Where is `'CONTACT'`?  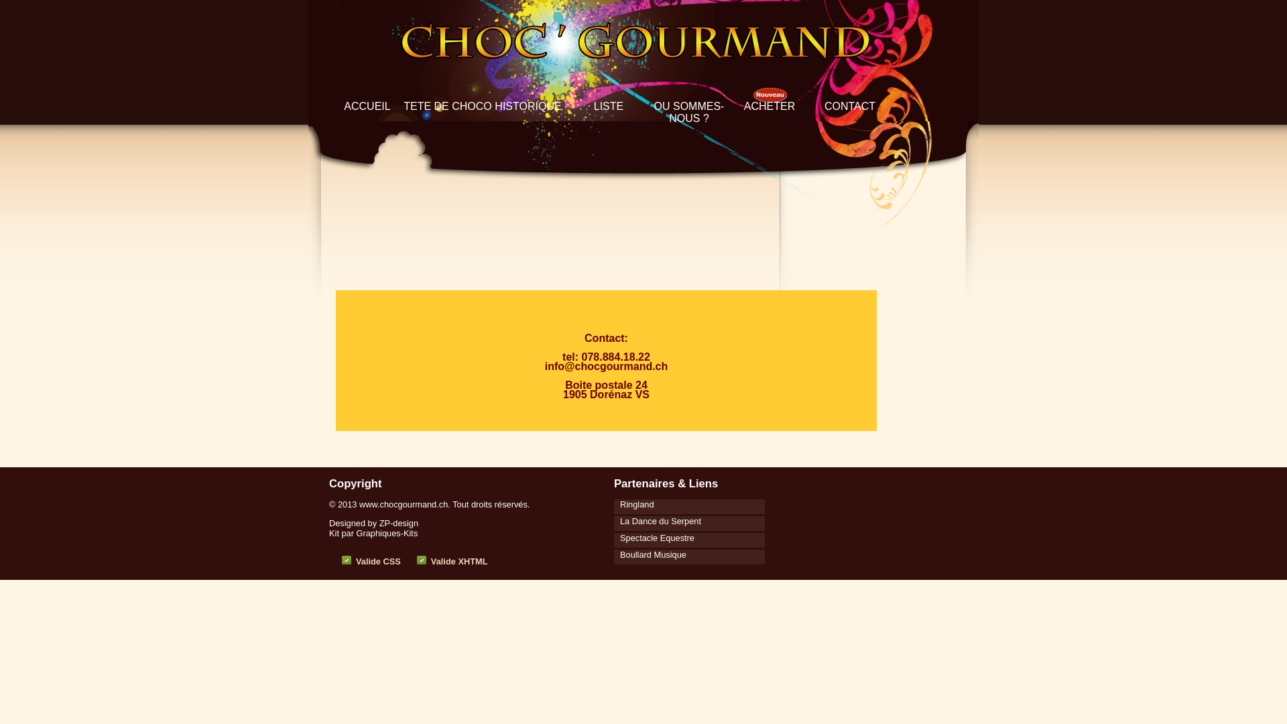 'CONTACT' is located at coordinates (849, 105).